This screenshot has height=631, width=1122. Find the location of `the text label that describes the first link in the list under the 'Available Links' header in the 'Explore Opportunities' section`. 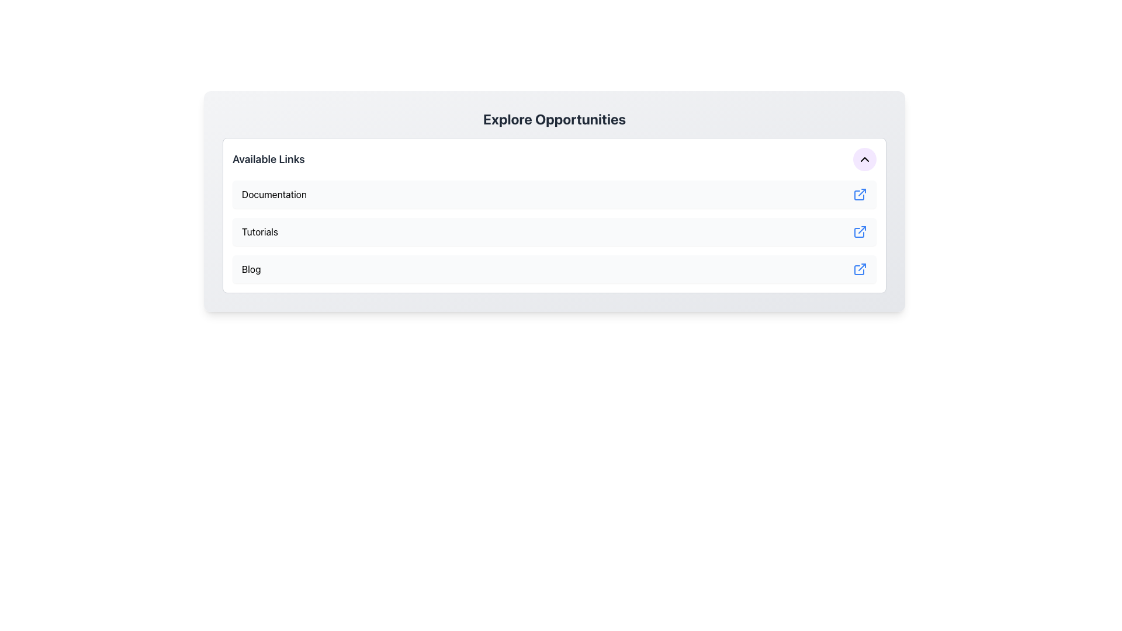

the text label that describes the first link in the list under the 'Available Links' header in the 'Explore Opportunities' section is located at coordinates (273, 193).